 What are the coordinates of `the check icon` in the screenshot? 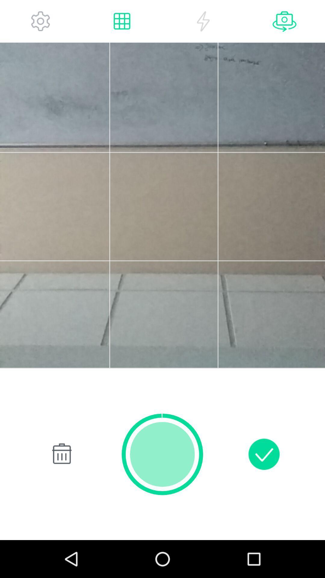 It's located at (264, 486).